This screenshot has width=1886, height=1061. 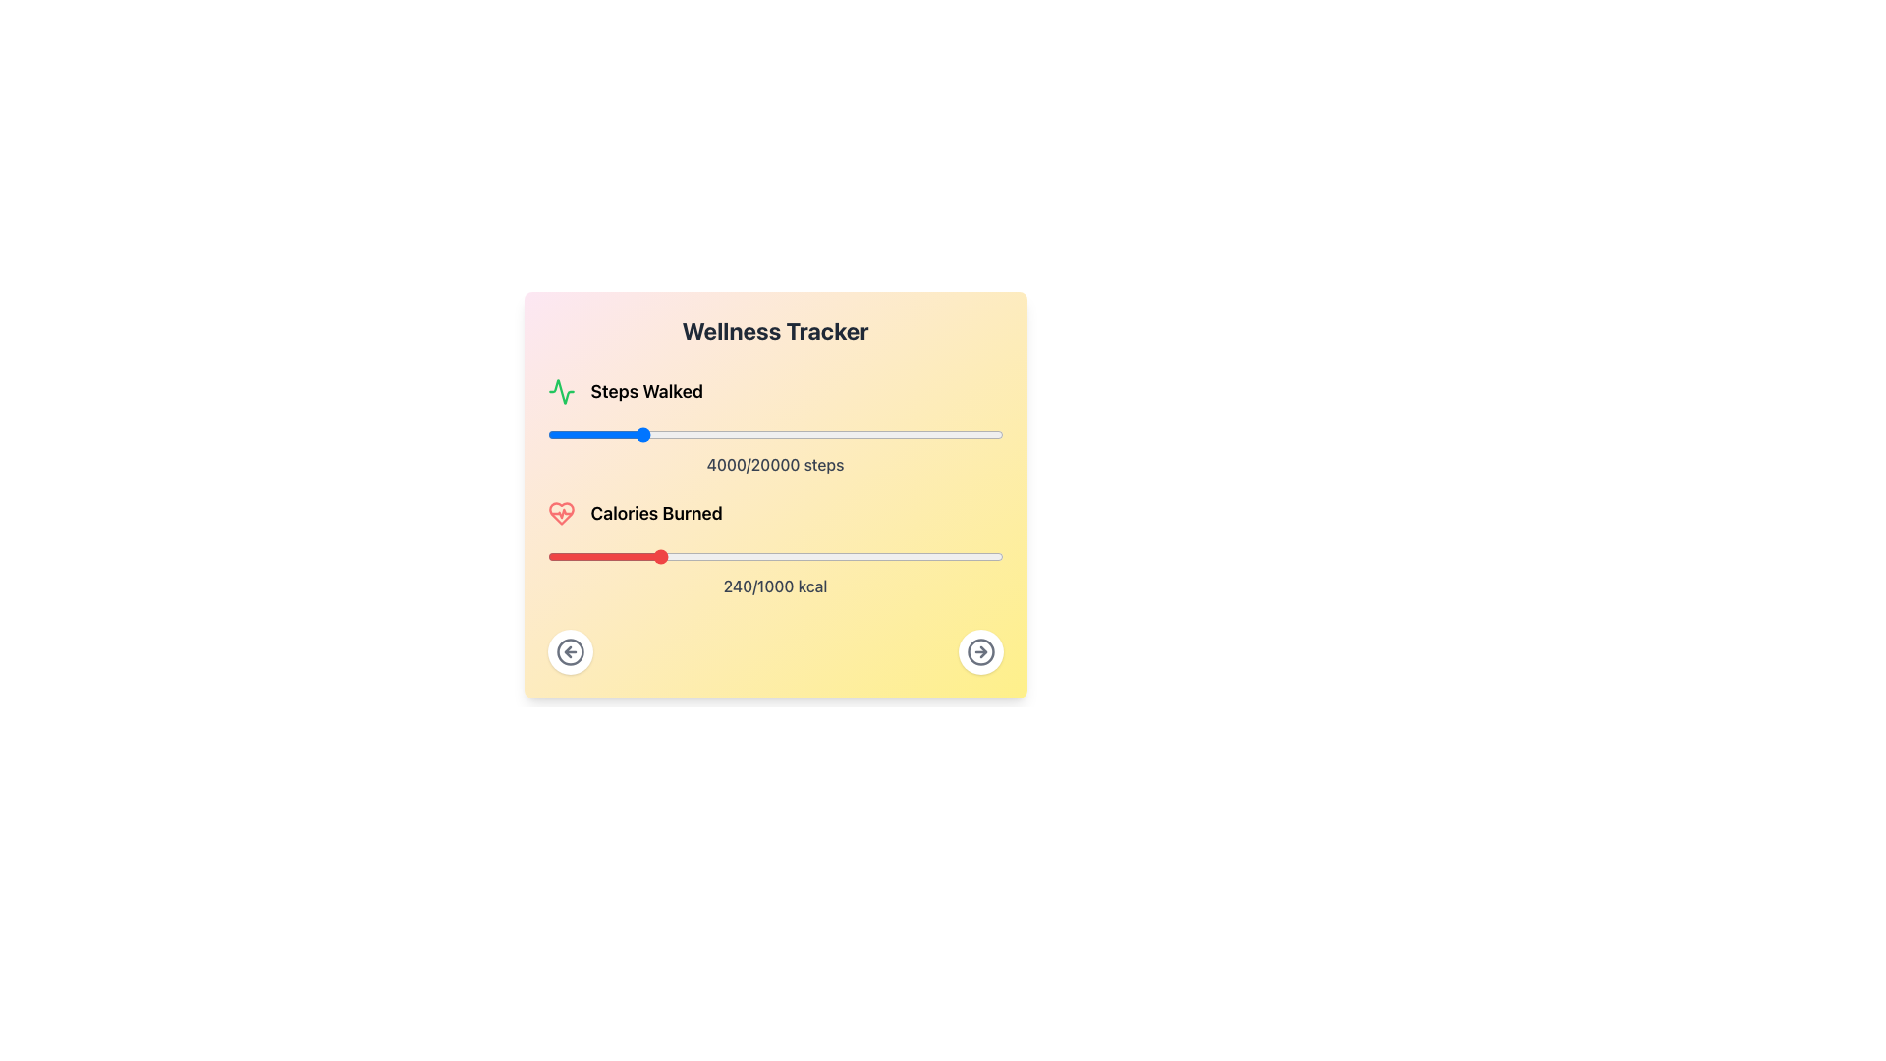 I want to click on the text label that serves as the header for the wellness tracking section, indicating the data displayed below about steps walked and calories burned, so click(x=774, y=329).